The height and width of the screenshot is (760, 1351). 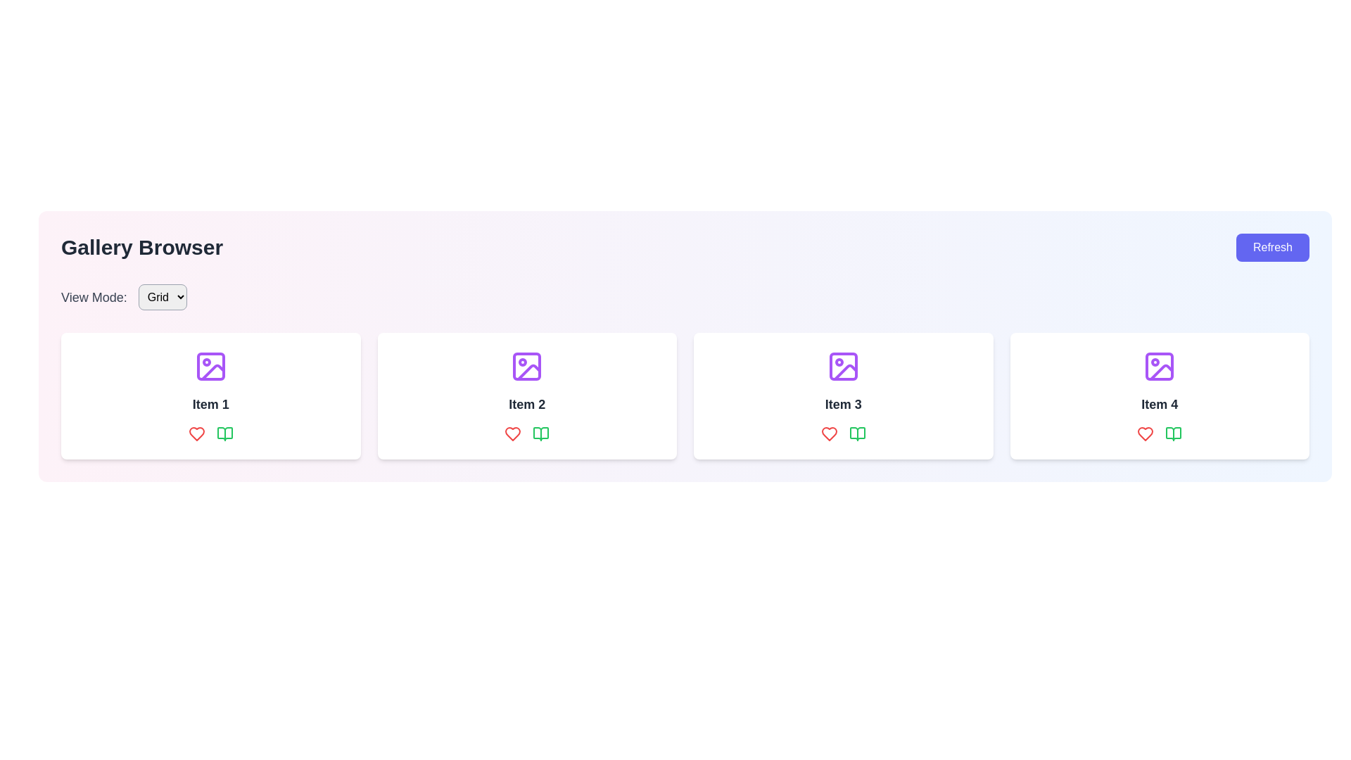 I want to click on the static text label reading 'View Mode:' which is styled with a larger font size and medium font weight, located near the top-left of the interface beside the dropdown menu for selecting view options, so click(x=93, y=296).